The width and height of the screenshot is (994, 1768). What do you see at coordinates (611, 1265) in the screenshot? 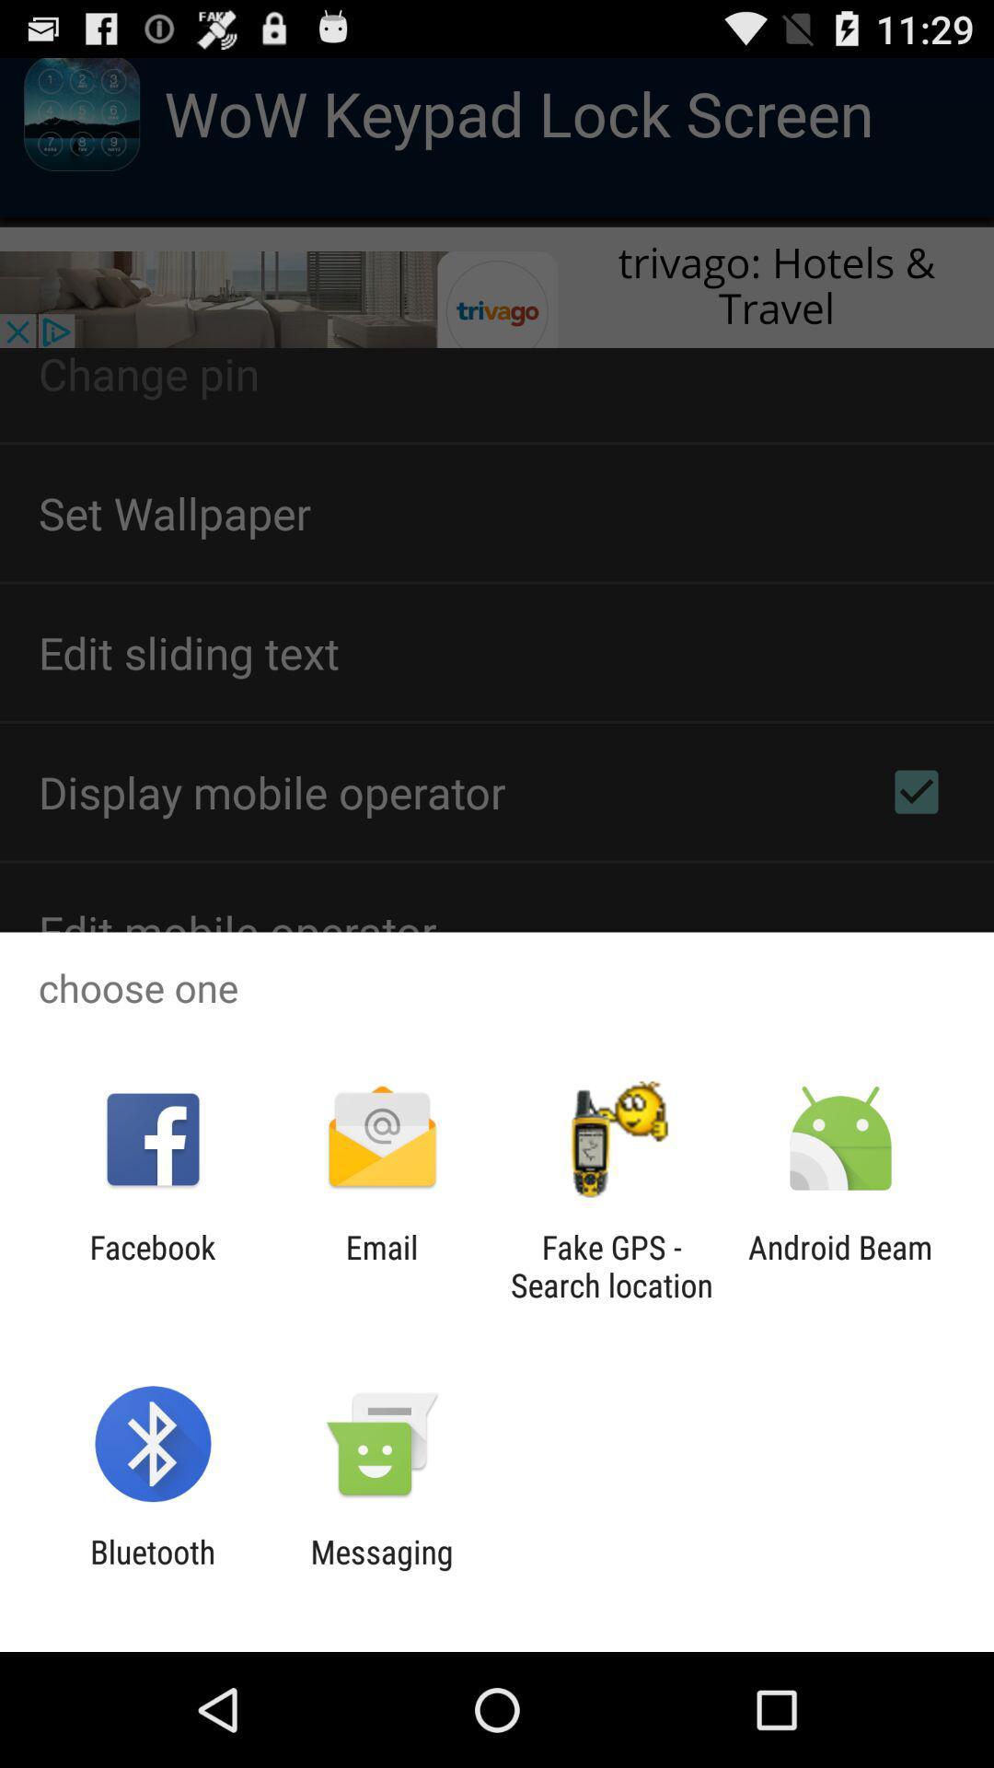
I see `icon next to the email icon` at bounding box center [611, 1265].